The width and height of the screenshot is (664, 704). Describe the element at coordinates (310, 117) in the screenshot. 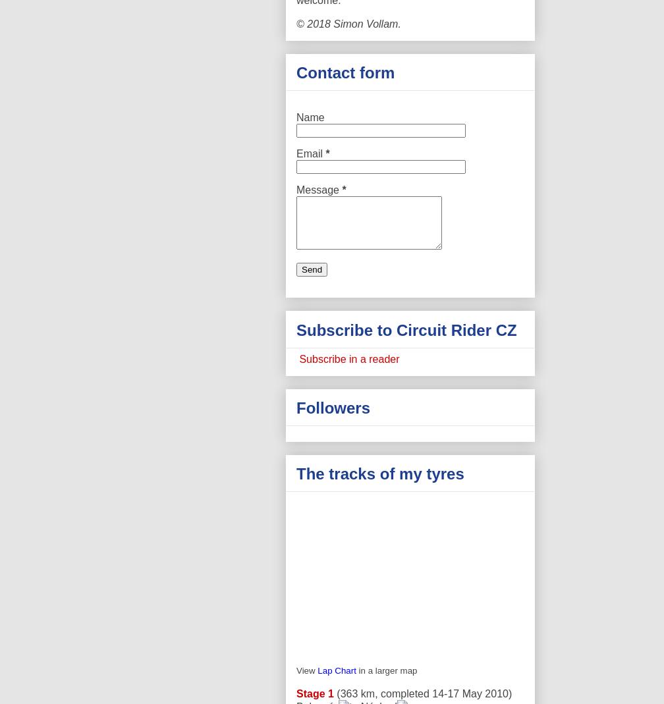

I see `'Name'` at that location.